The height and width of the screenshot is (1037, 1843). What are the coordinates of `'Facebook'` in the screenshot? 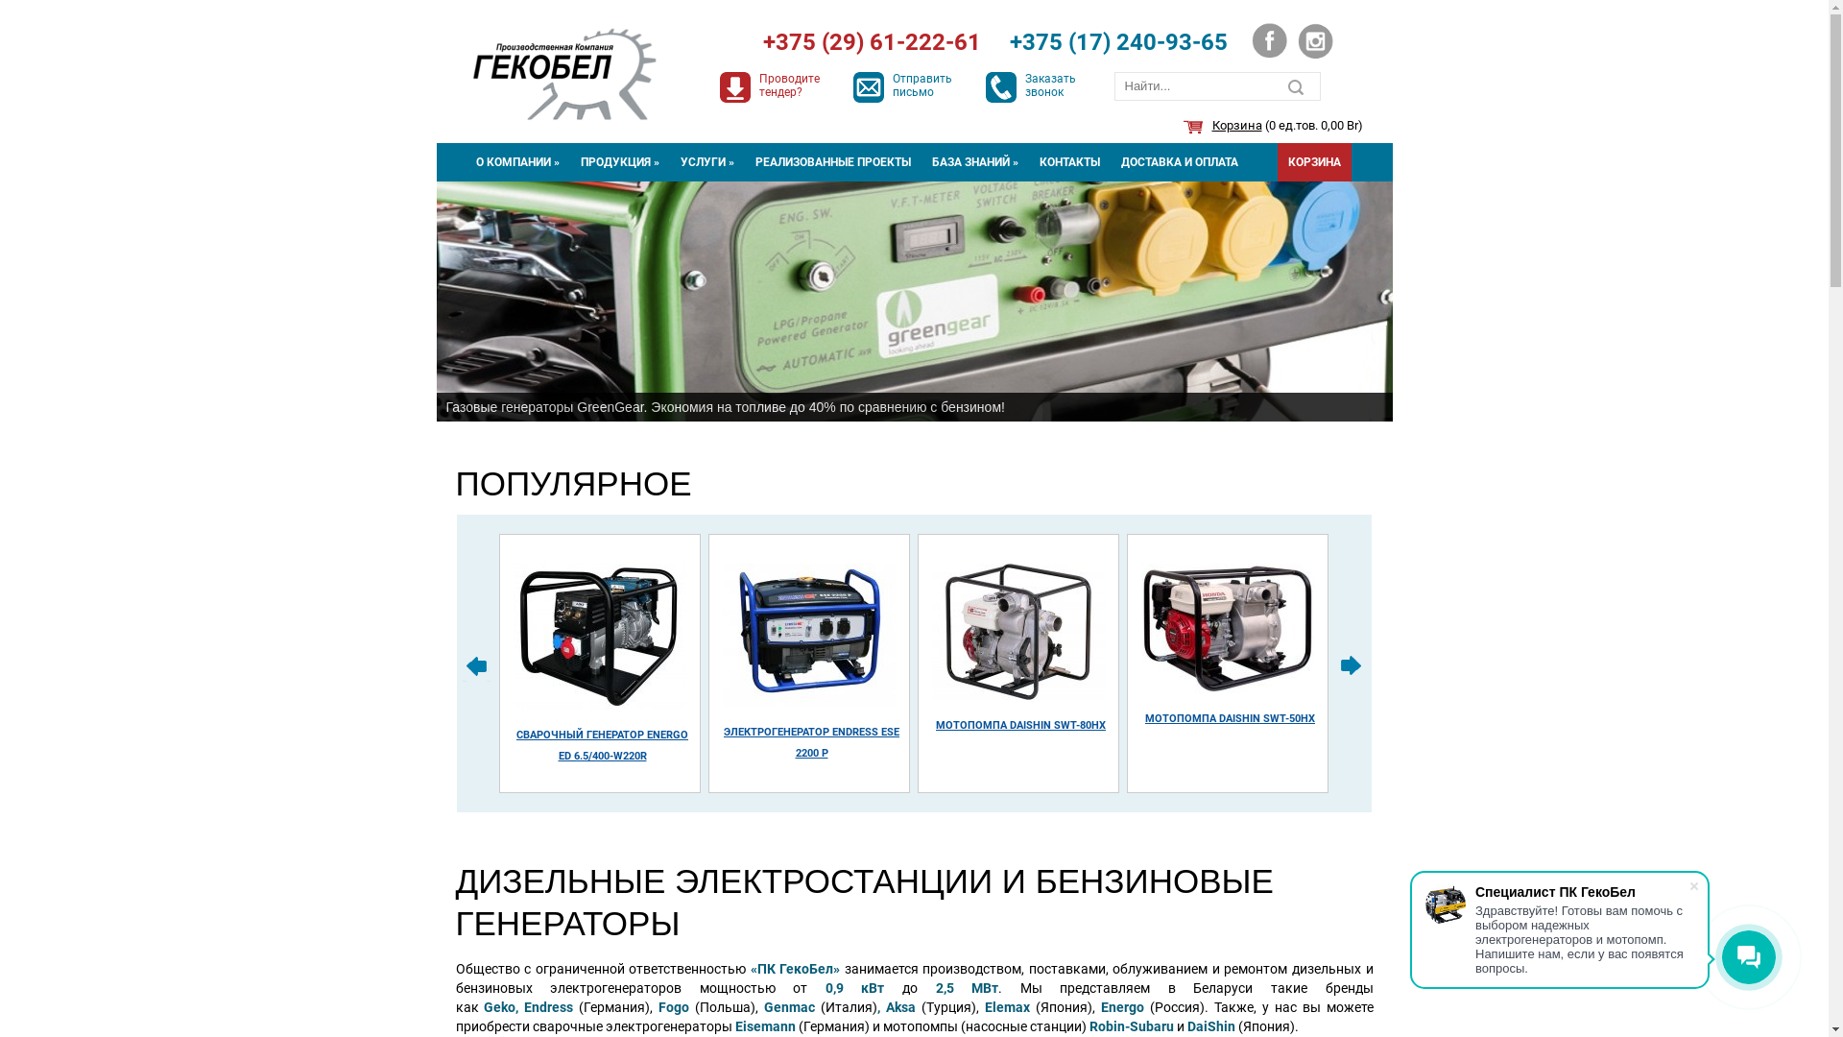 It's located at (1252, 40).